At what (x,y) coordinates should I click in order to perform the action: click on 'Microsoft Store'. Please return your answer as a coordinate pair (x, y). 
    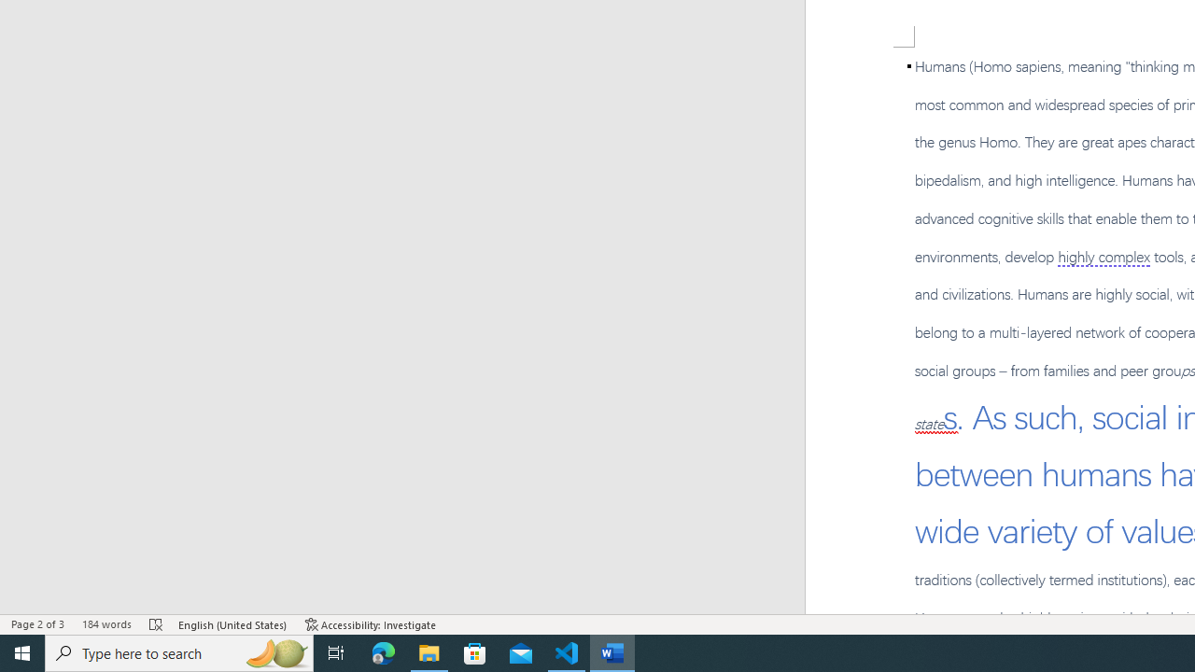
    Looking at the image, I should click on (475, 651).